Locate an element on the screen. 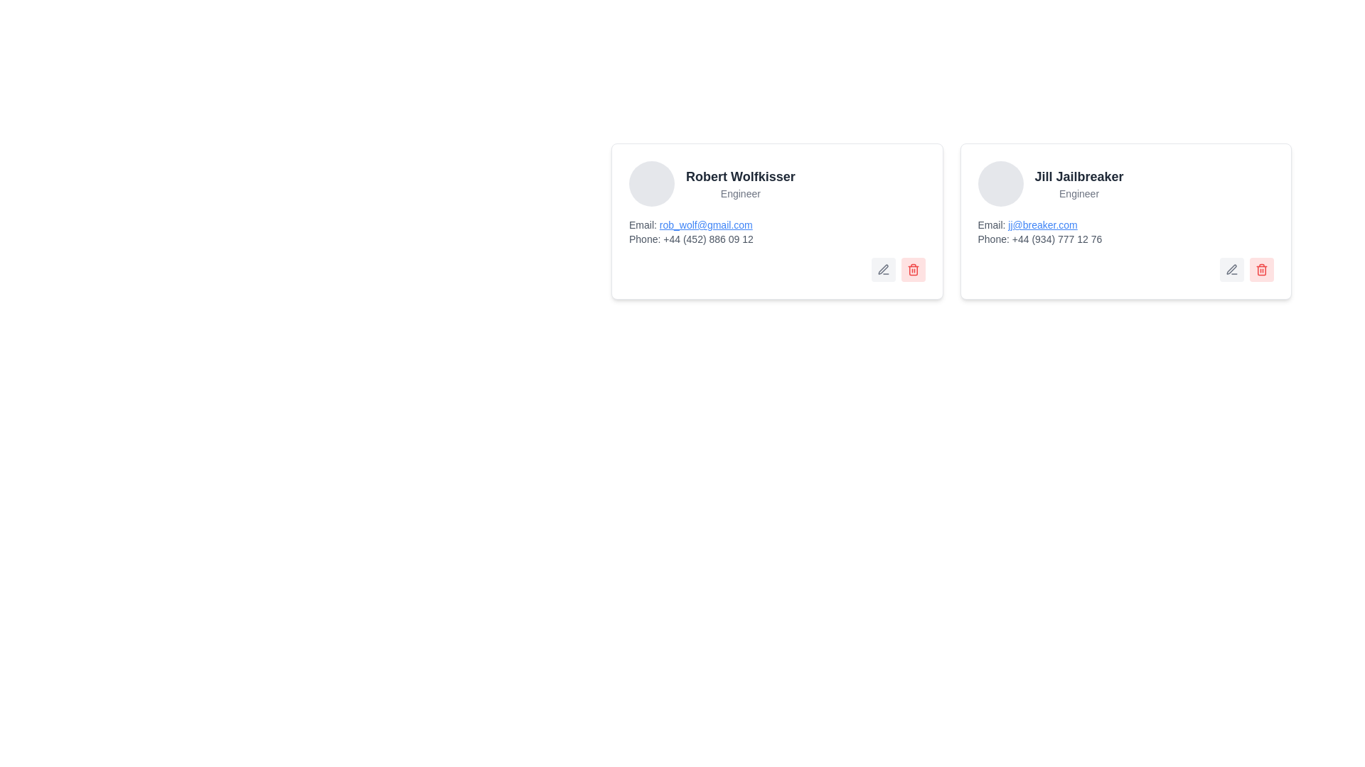 The height and width of the screenshot is (767, 1365). the text label reading 'Engineer' is located at coordinates (739, 194).